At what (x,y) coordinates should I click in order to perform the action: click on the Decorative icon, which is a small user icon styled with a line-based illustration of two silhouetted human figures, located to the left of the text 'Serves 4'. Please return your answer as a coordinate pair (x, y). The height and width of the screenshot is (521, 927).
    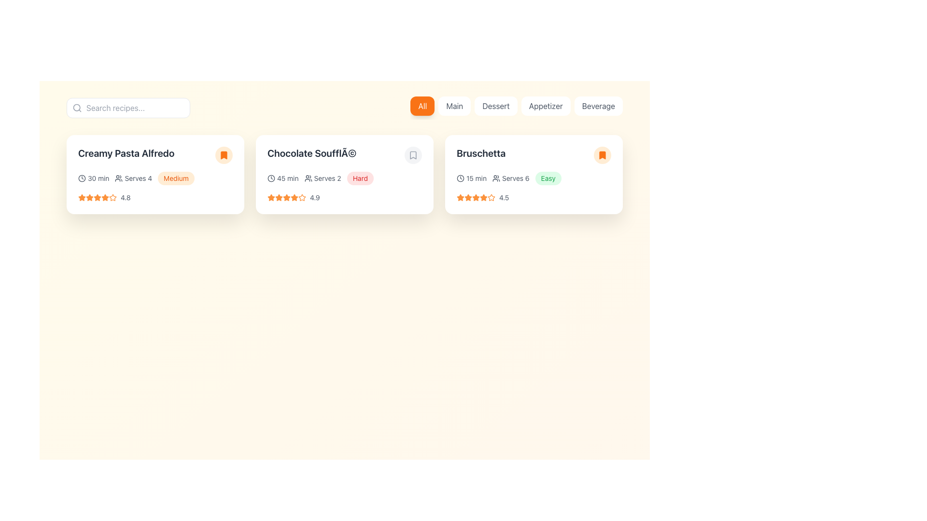
    Looking at the image, I should click on (118, 178).